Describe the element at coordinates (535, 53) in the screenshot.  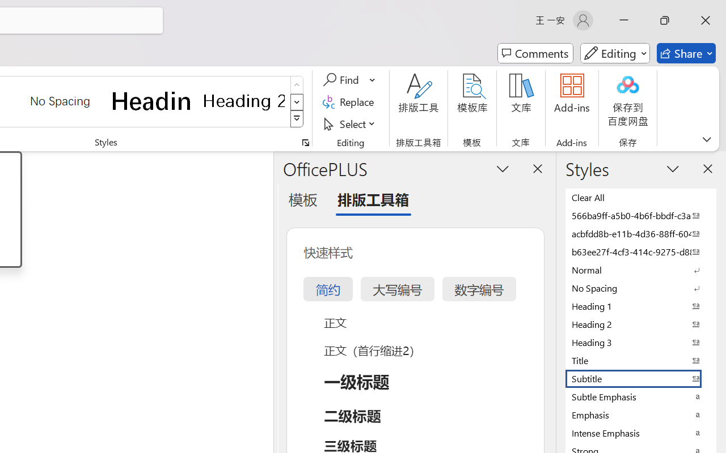
I see `'Comments'` at that location.